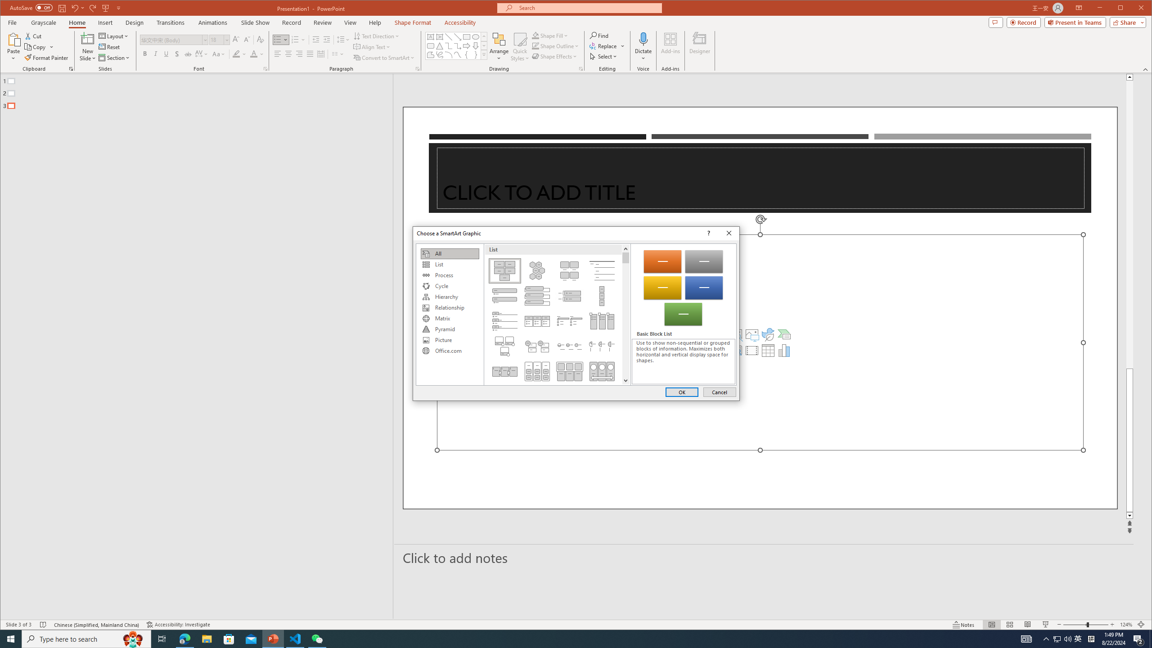 The width and height of the screenshot is (1152, 648). I want to click on 'Insert a SmartArt Graphic', so click(784, 334).